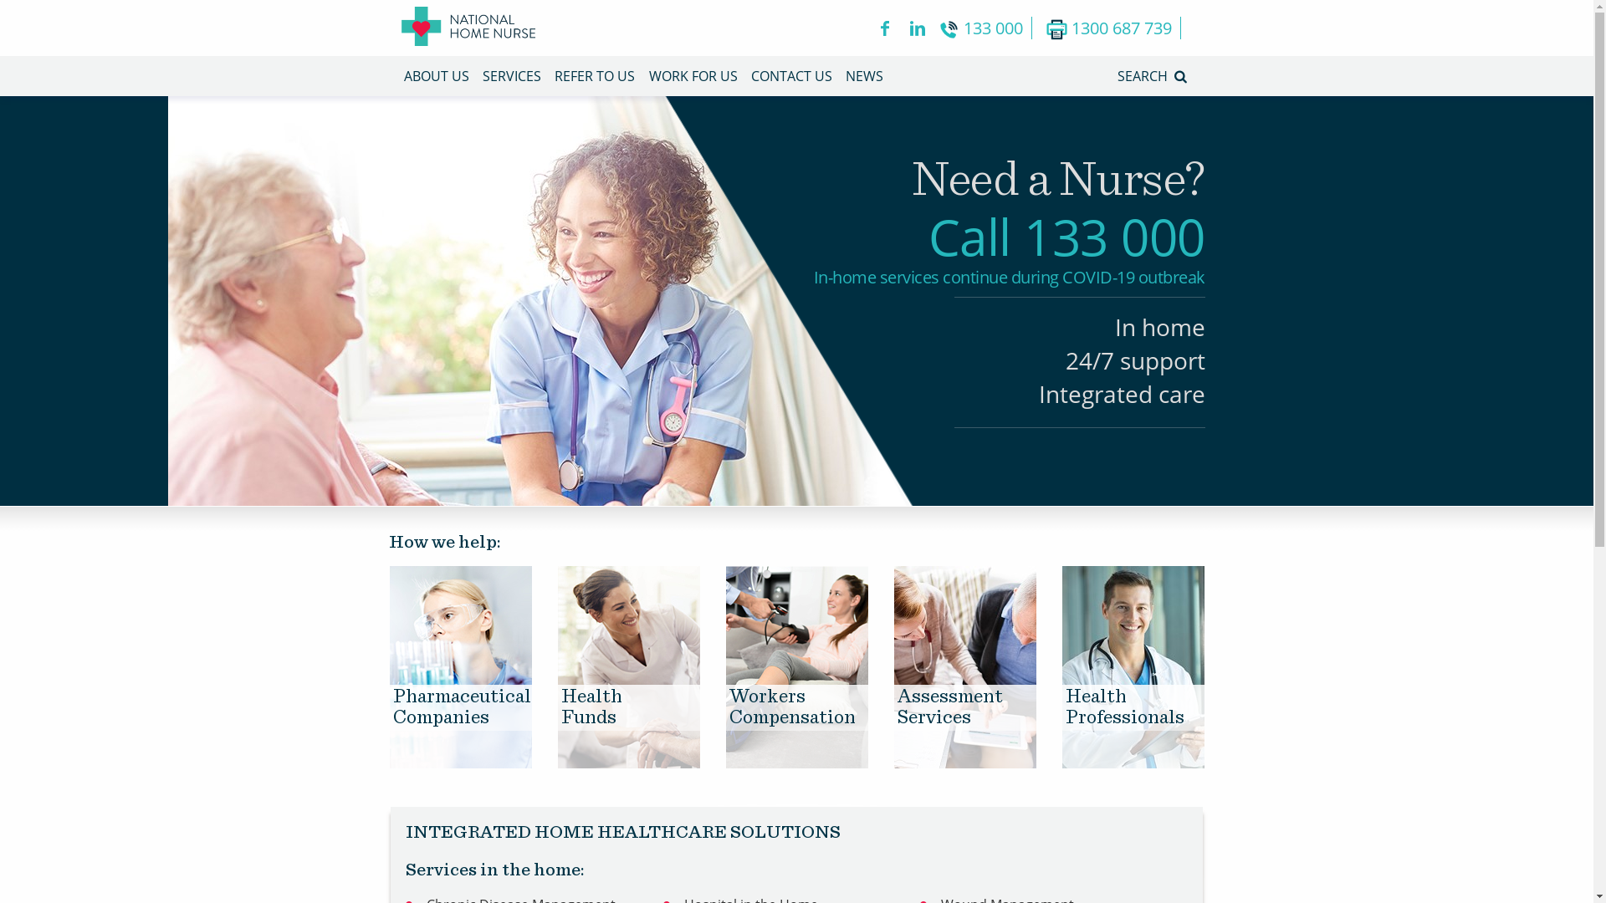 Image resolution: width=1606 pixels, height=903 pixels. Describe the element at coordinates (402, 76) in the screenshot. I see `'ABOUT US'` at that location.